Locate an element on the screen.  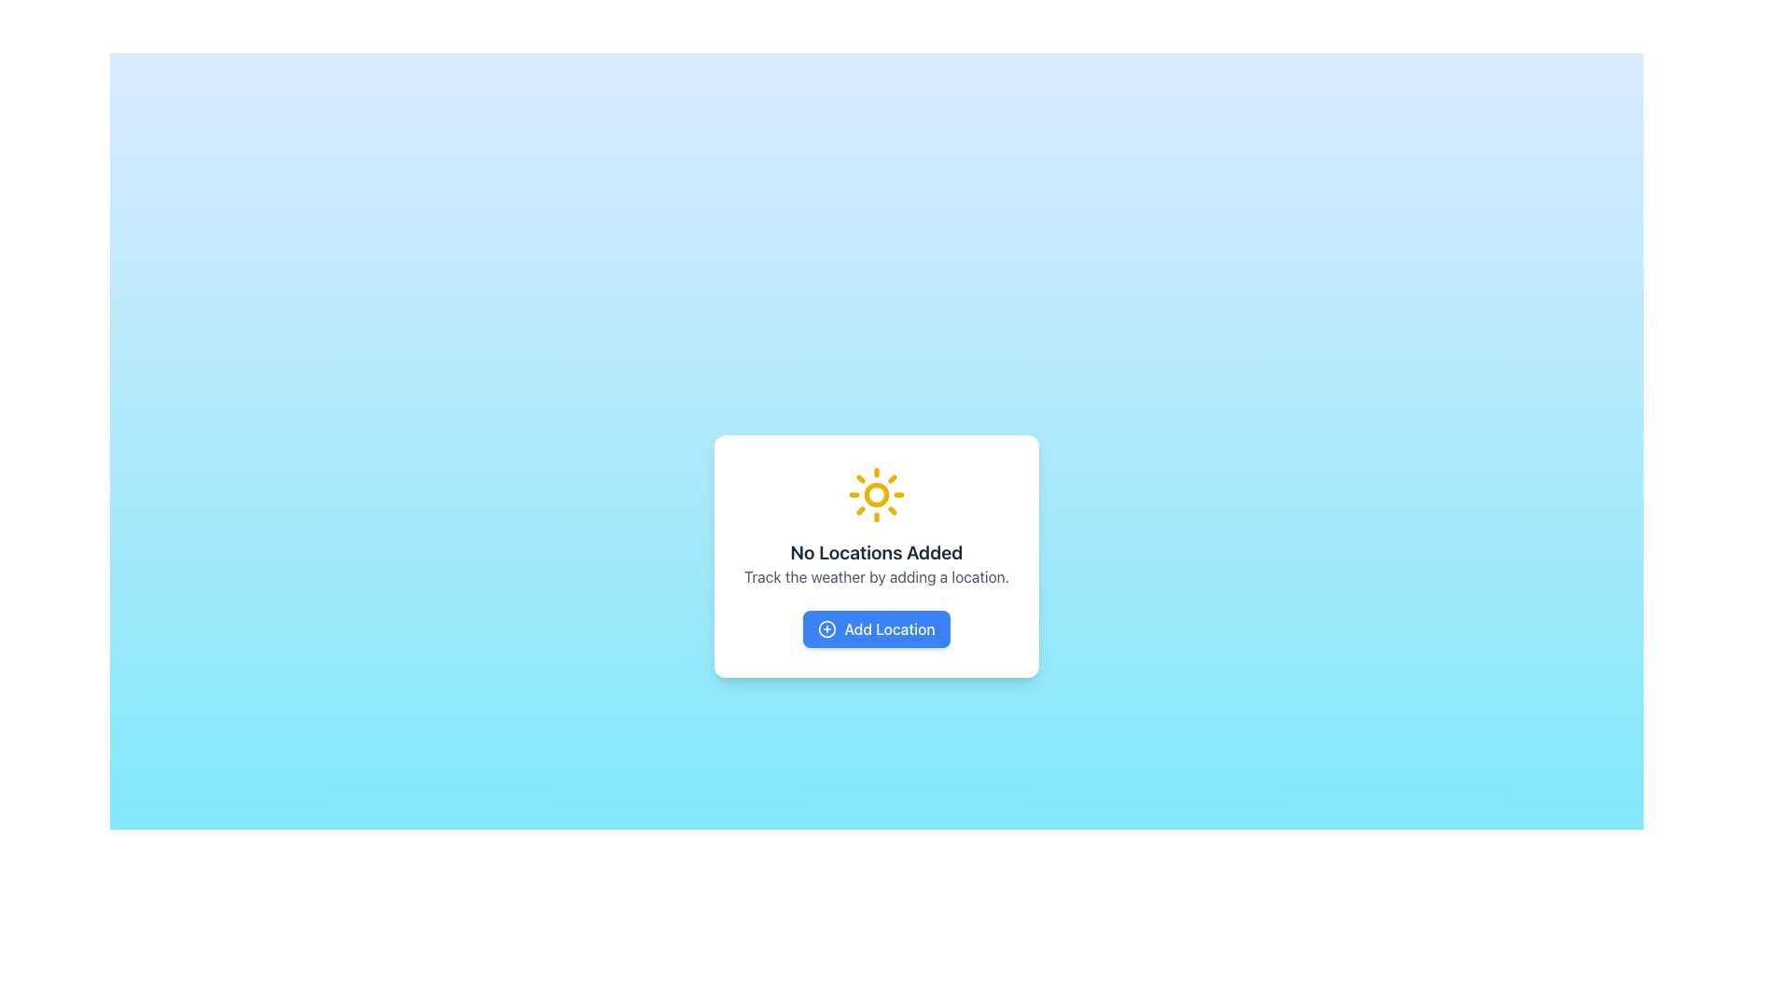
the icon of a circle with a '+' symbol, which is located within the 'Add Location' button, positioned on the left side of the text label is located at coordinates (826, 629).